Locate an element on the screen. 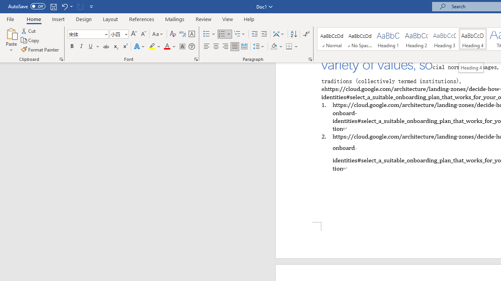  'Underline' is located at coordinates (91, 46).